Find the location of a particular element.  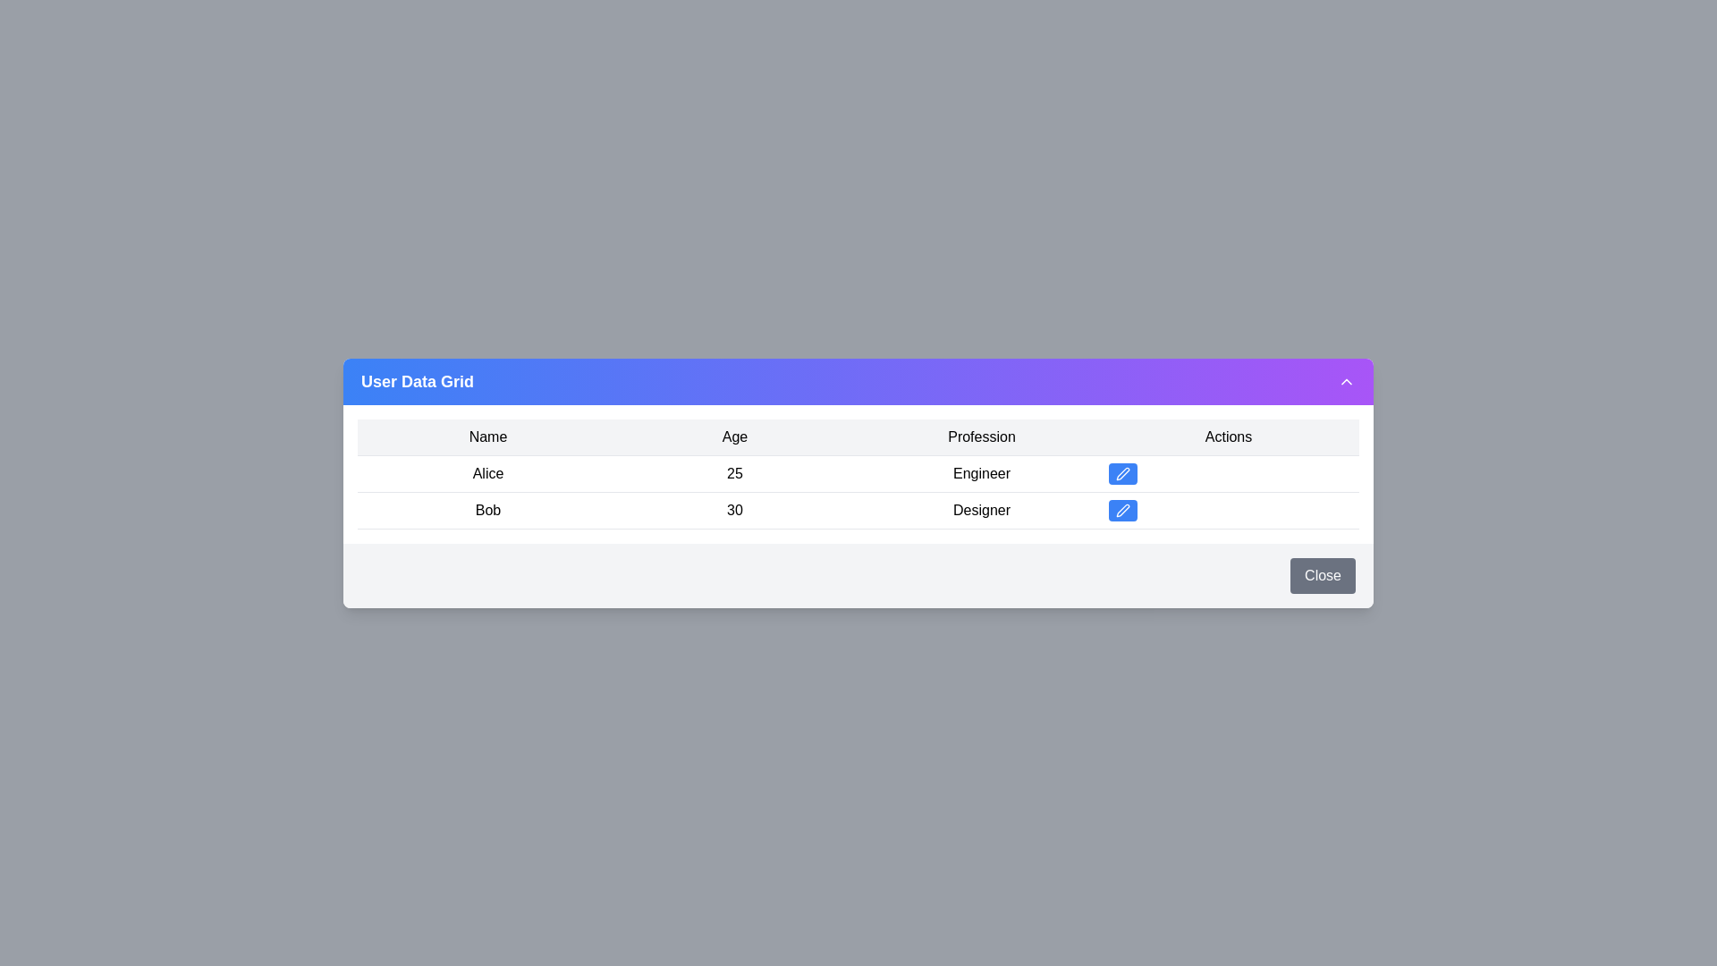

the static text displaying the user's age in the second row under the 'Age' column of the user data grid, located between the 'Name' column with 'Bob' and the 'Profession' column with 'Designer' is located at coordinates (734, 510).